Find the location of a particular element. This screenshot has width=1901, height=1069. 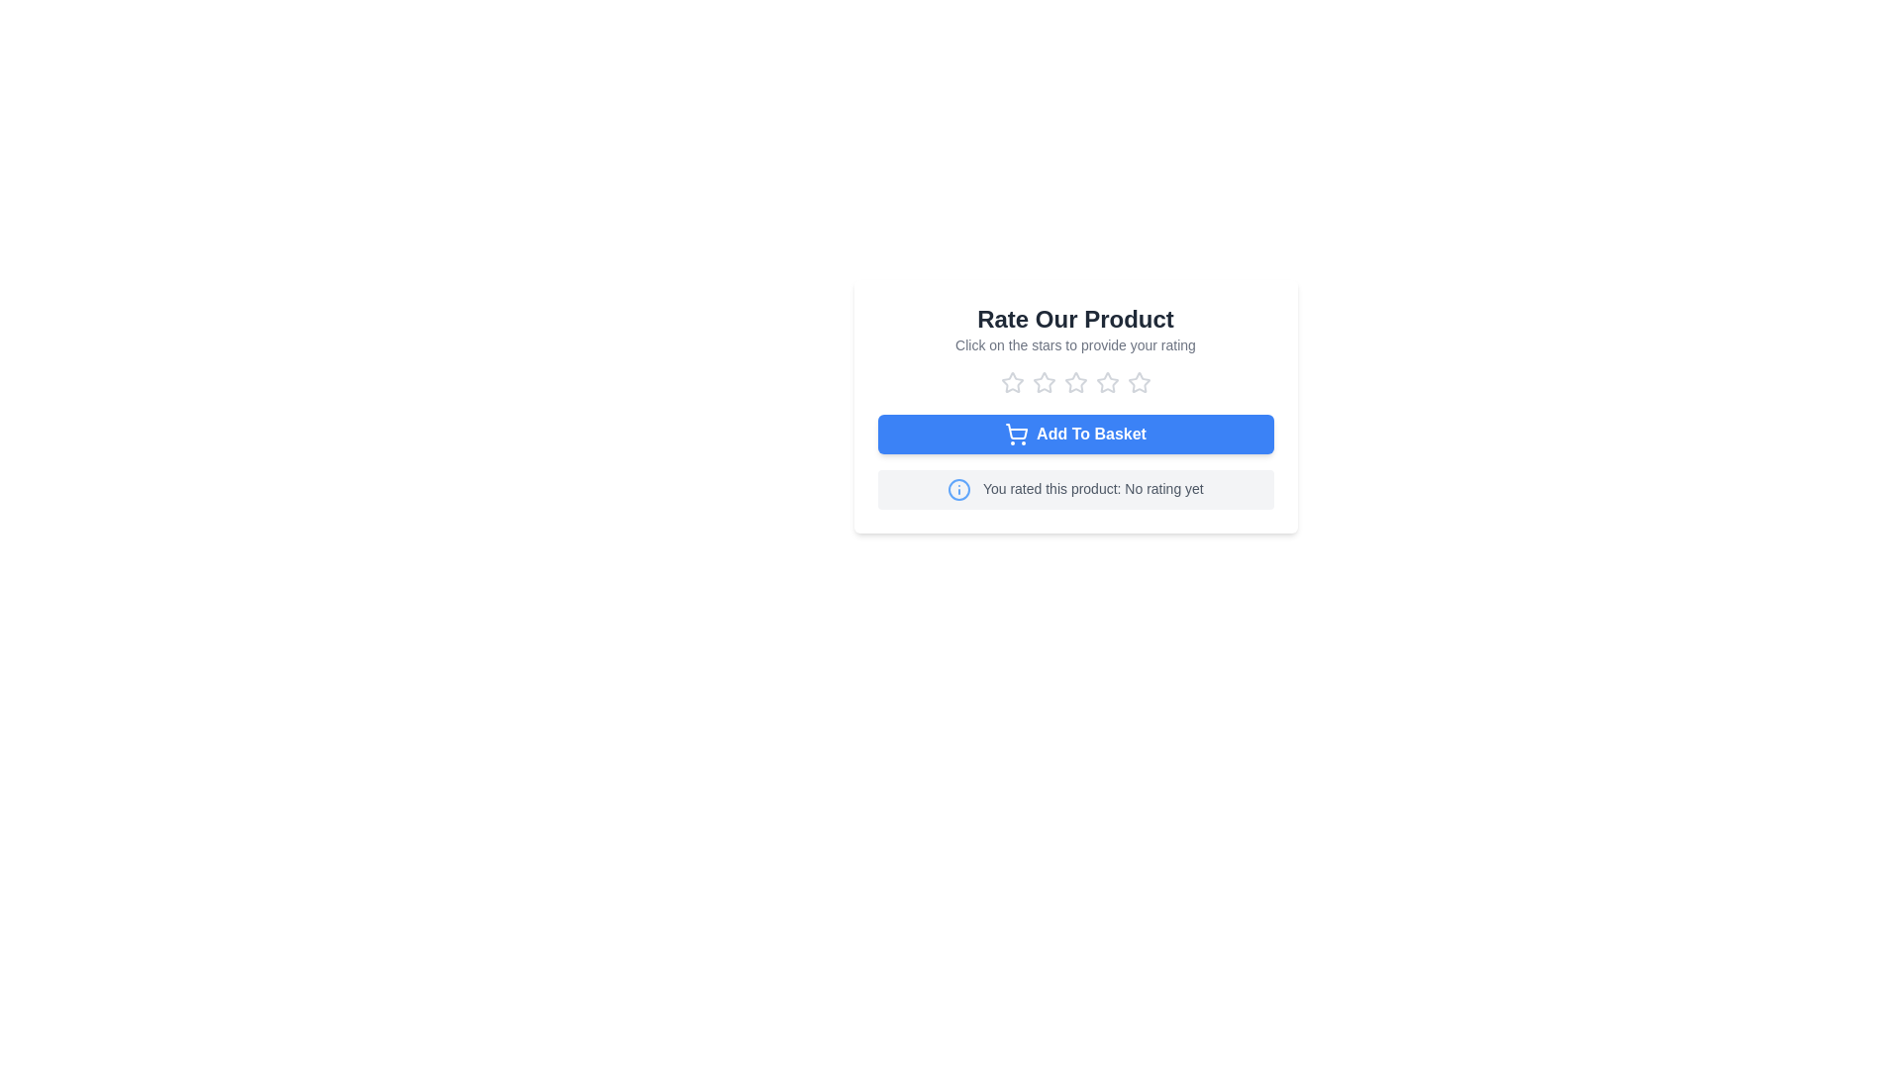

the blue 'Add To Basket' button with a shopping cart icon is located at coordinates (1074, 434).